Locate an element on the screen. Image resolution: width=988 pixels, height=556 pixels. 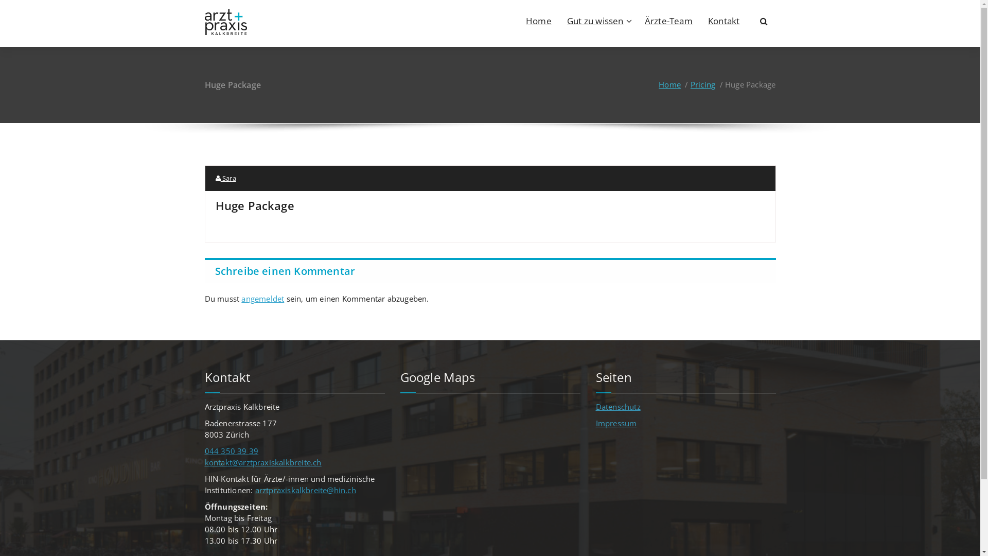
'Home' is located at coordinates (659, 84).